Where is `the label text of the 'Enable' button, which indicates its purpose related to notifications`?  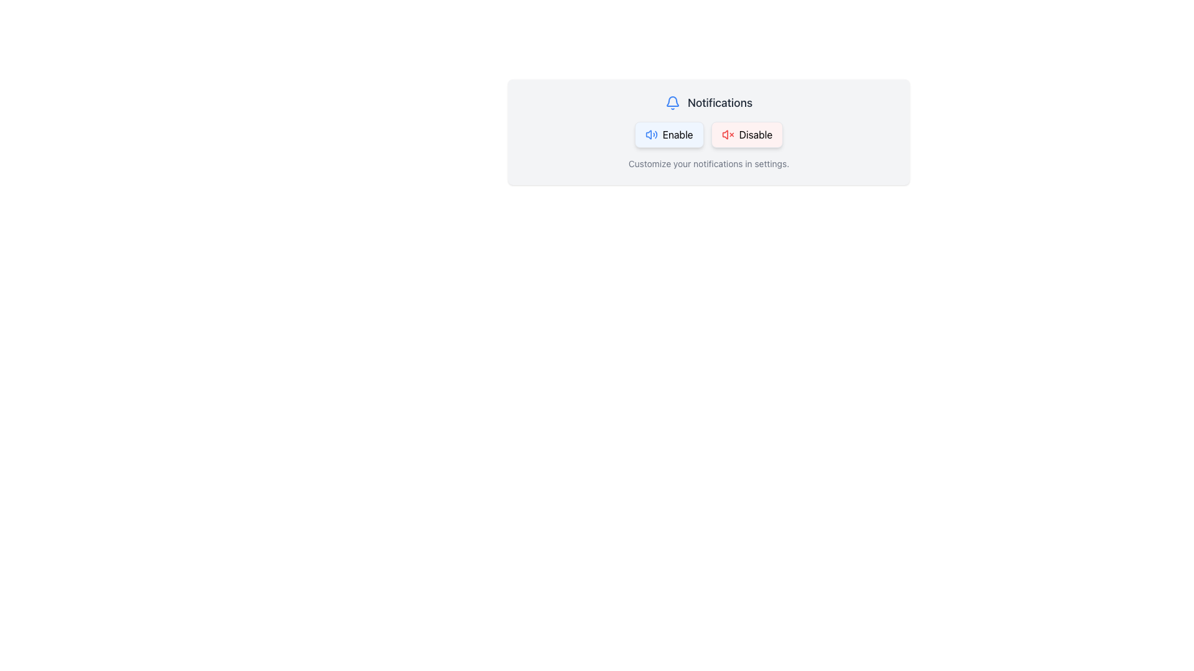
the label text of the 'Enable' button, which indicates its purpose related to notifications is located at coordinates (677, 134).